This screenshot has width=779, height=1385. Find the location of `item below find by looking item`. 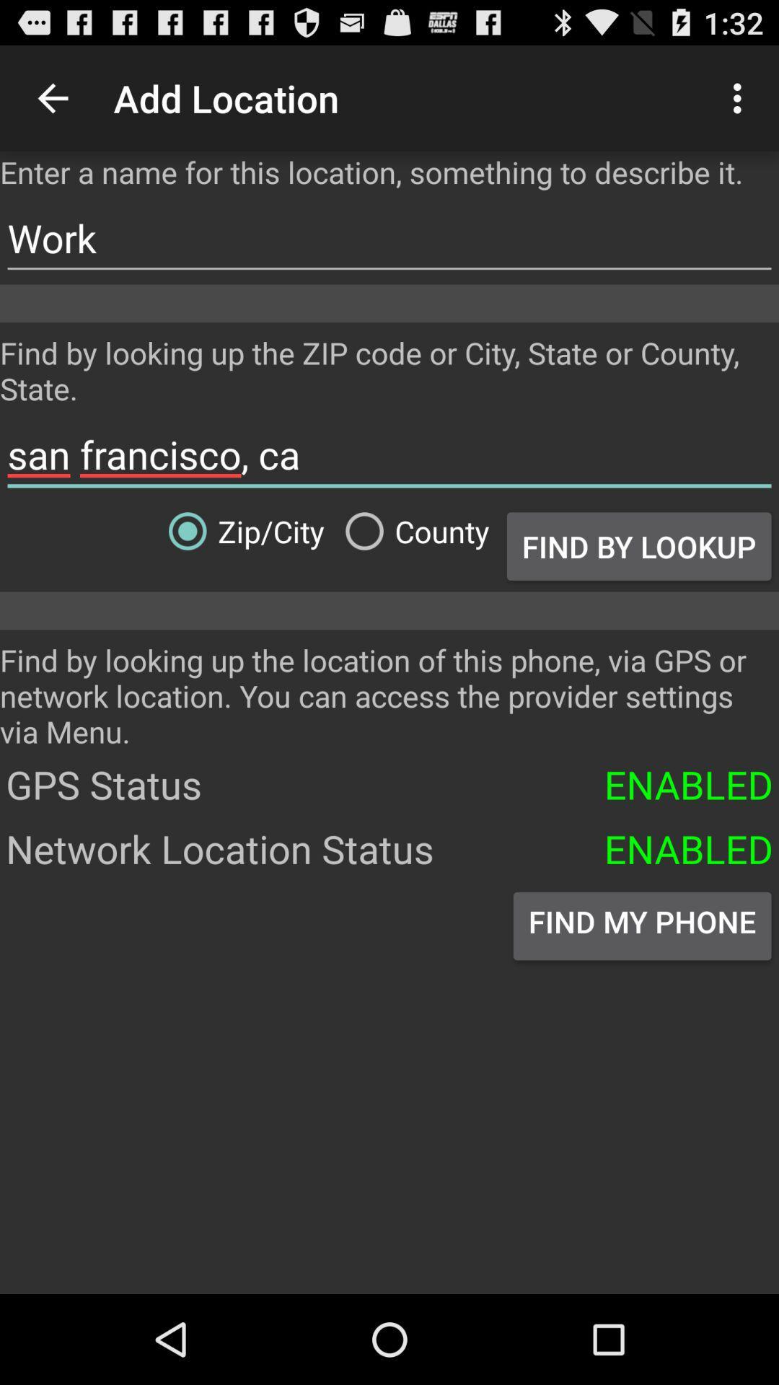

item below find by looking item is located at coordinates (389, 454).